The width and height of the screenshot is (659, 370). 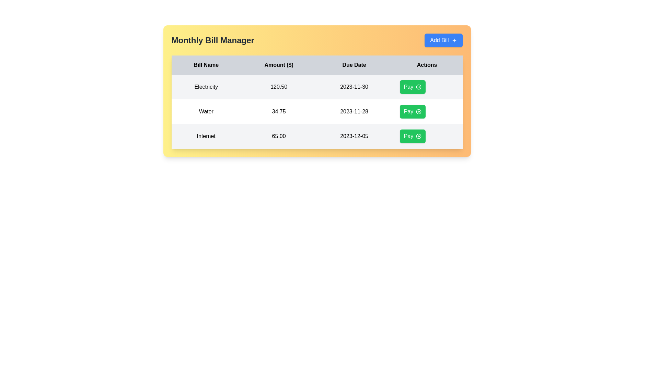 What do you see at coordinates (206, 136) in the screenshot?
I see `the Text label in the leftmost column of the third row under the 'Bill Name' column` at bounding box center [206, 136].